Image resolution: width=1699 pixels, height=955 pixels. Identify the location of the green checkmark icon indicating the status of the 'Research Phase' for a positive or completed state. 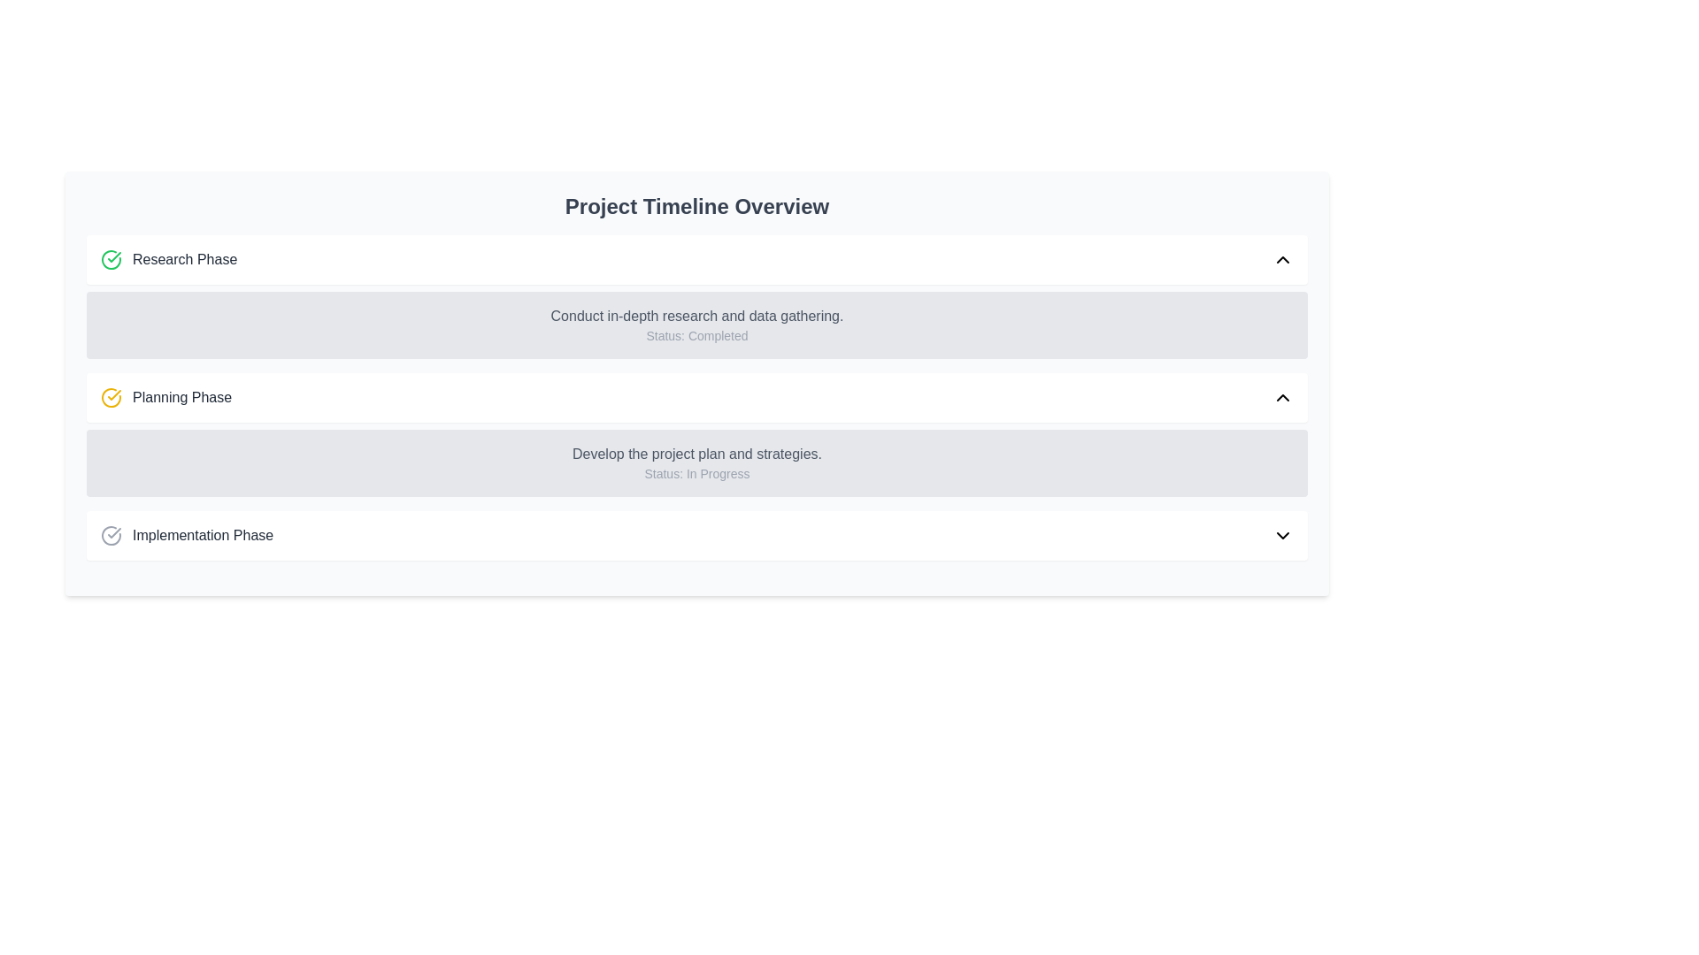
(110, 259).